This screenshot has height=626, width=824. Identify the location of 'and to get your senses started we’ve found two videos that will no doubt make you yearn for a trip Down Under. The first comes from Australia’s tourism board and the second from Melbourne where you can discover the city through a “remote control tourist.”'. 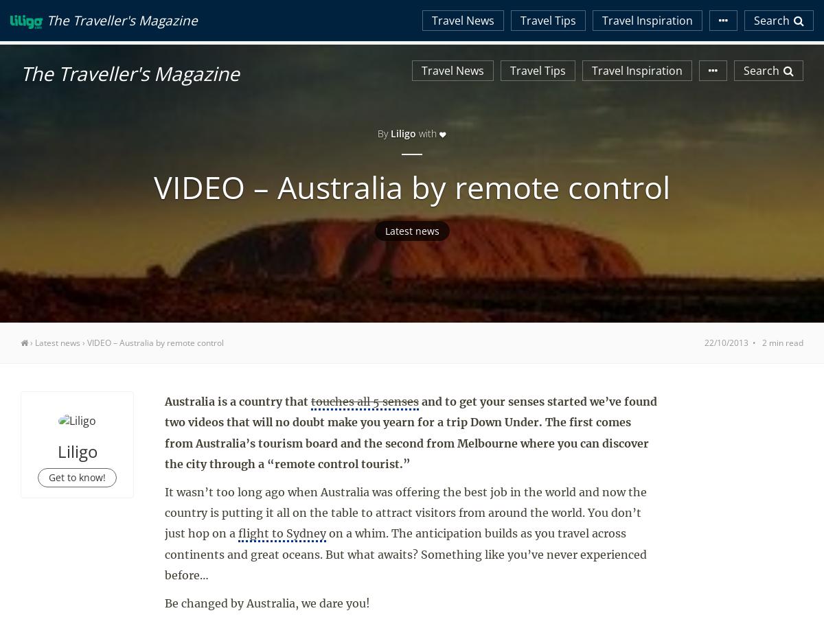
(410, 432).